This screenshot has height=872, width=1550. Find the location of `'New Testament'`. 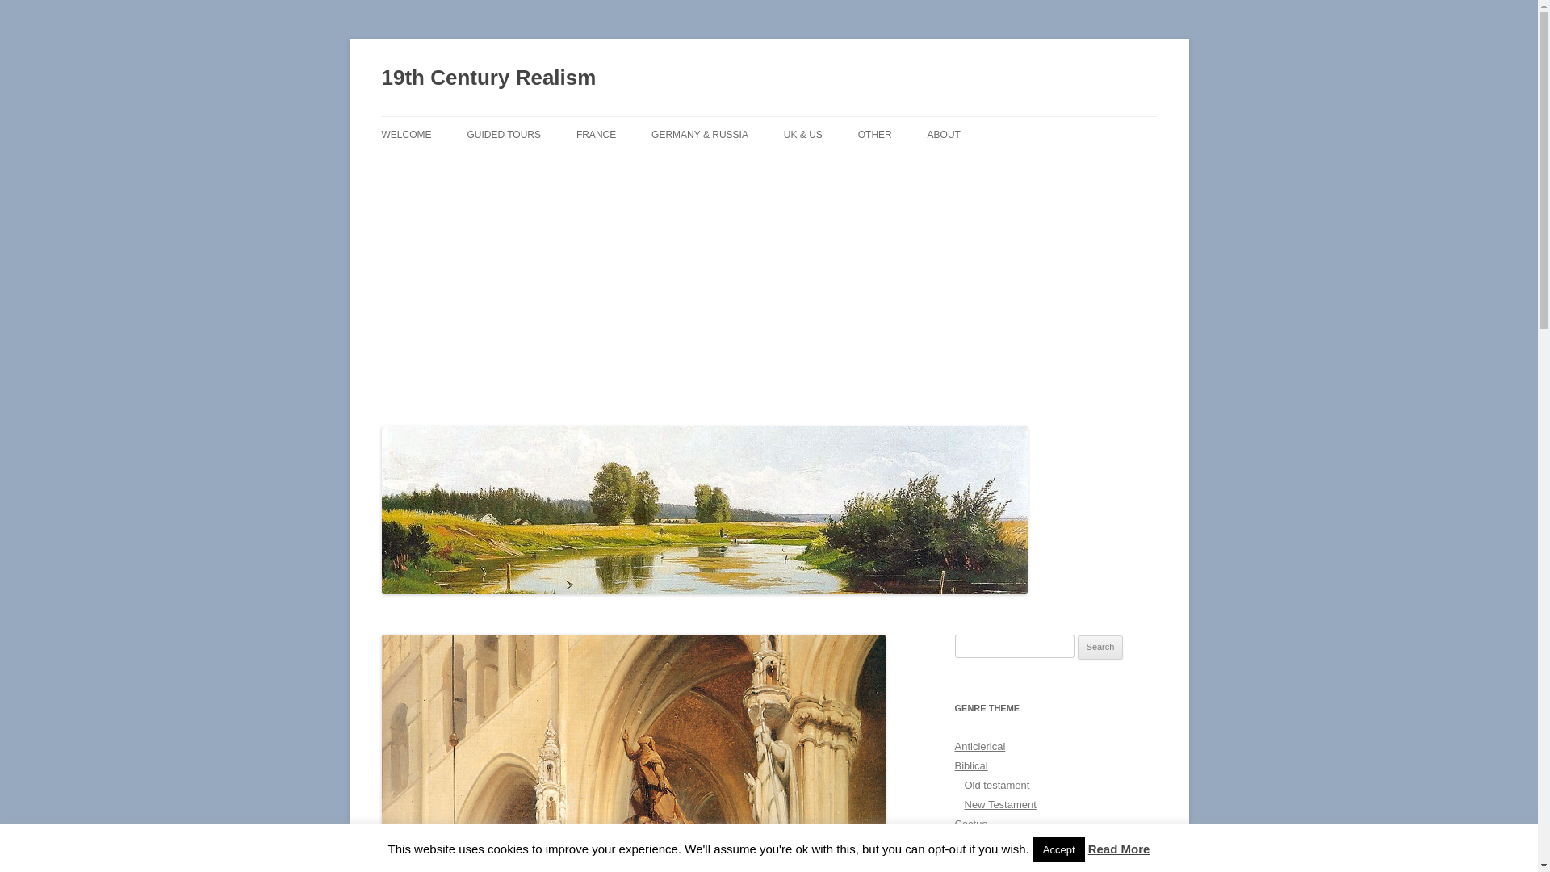

'New Testament' is located at coordinates (999, 804).